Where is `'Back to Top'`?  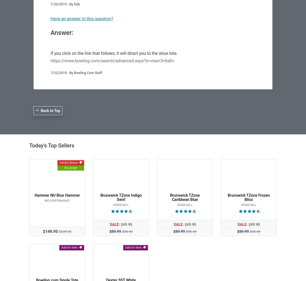
'Back to Top' is located at coordinates (50, 110).